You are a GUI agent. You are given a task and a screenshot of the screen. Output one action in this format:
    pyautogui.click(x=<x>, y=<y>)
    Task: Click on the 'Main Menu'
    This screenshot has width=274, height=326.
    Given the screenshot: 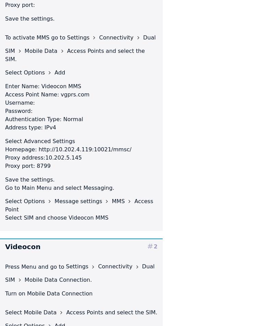 What is the action you would take?
    pyautogui.click(x=21, y=187)
    